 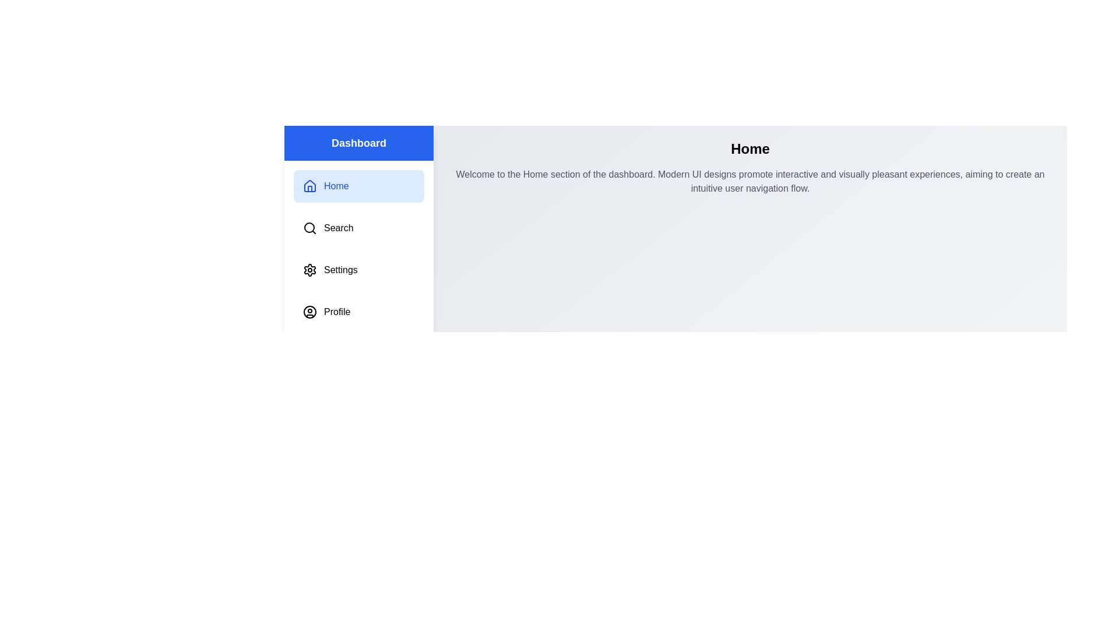 I want to click on the menu item corresponding to Search, so click(x=358, y=228).